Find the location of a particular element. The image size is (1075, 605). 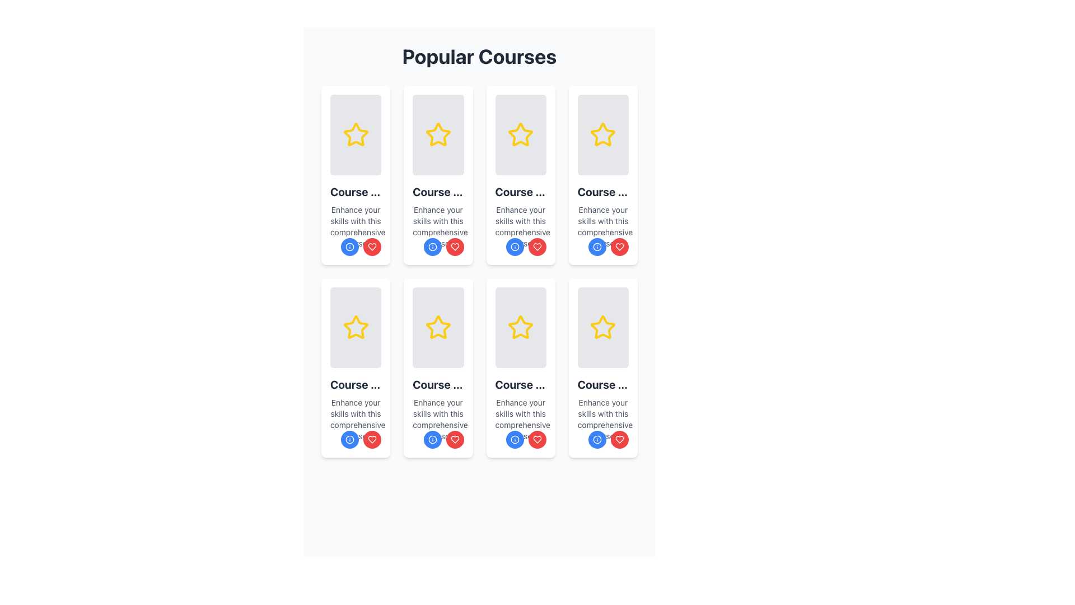

the circular blue button with a white info icon at the bottom-center of the card is located at coordinates (349, 246).